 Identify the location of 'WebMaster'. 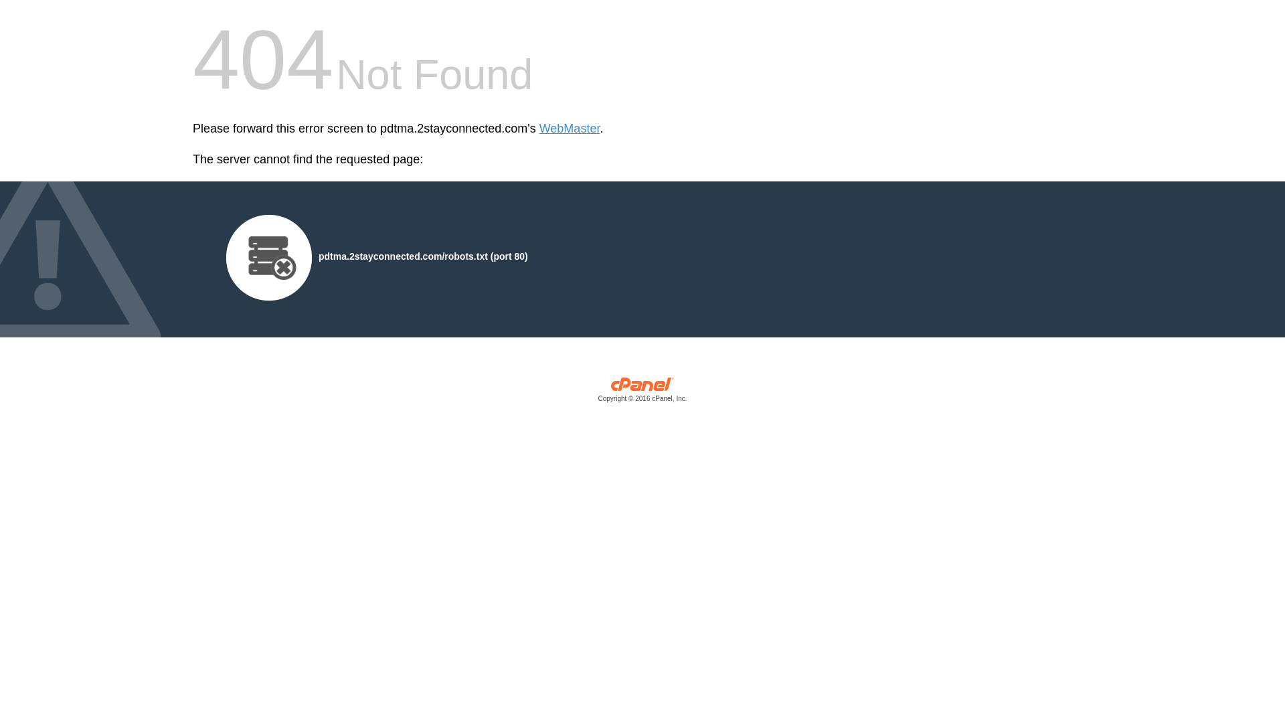
(539, 129).